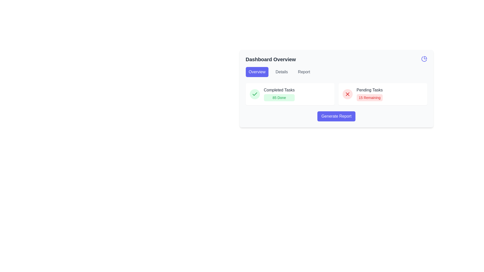 The height and width of the screenshot is (272, 484). What do you see at coordinates (255, 94) in the screenshot?
I see `the status icon indicating completed tasks in the dashboard overview, located adjacent to the text '85 Done'` at bounding box center [255, 94].